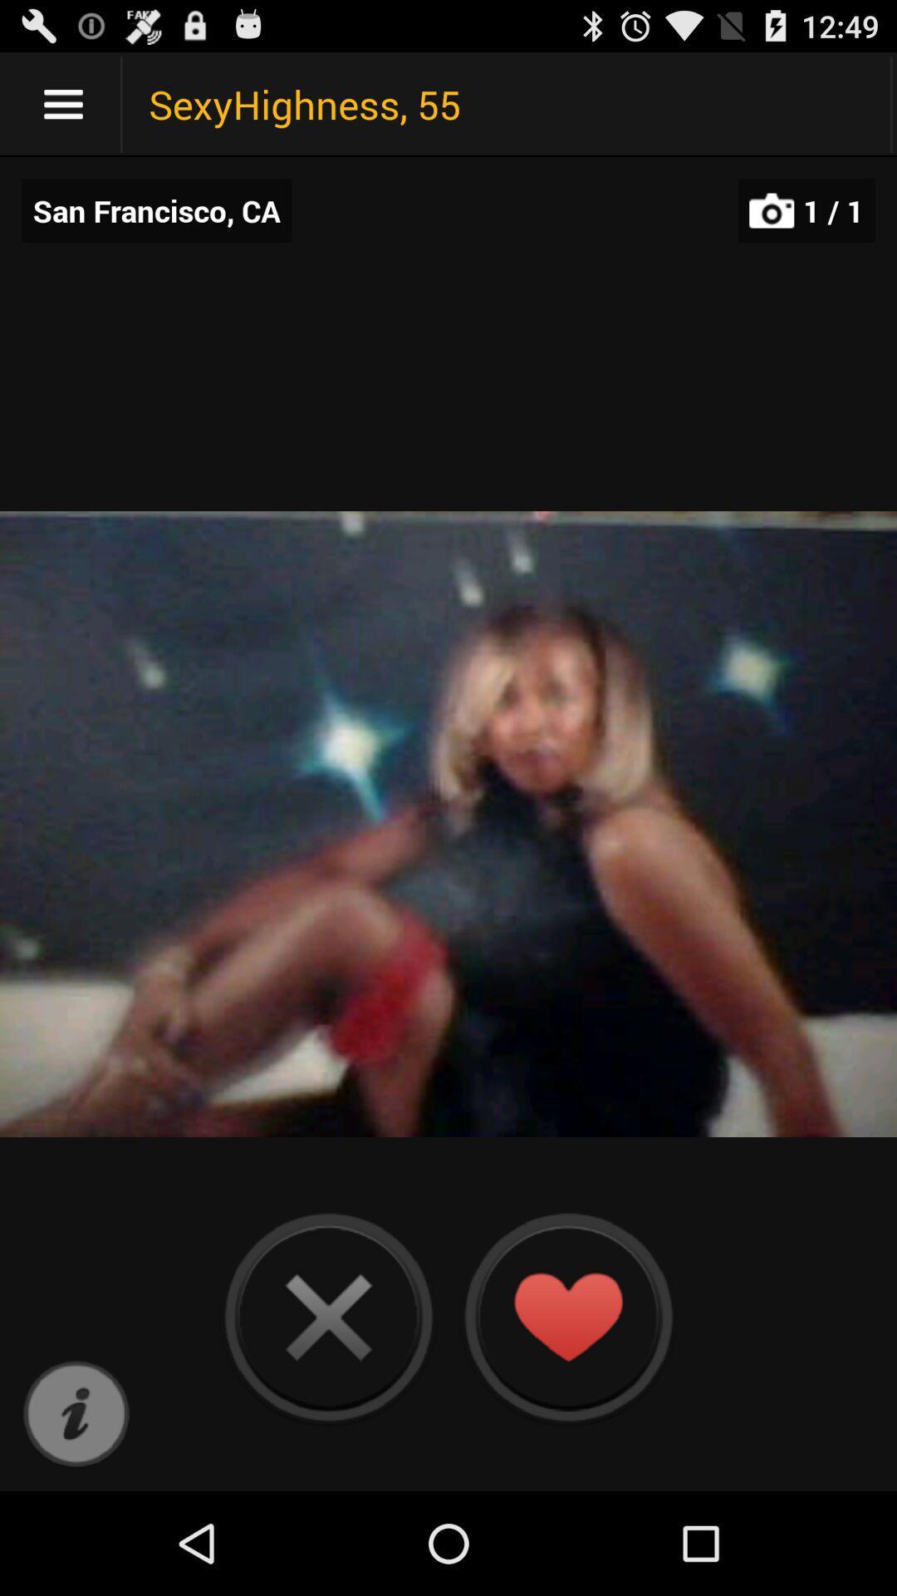 This screenshot has height=1596, width=897. I want to click on like or favorite the above photo, so click(566, 1316).